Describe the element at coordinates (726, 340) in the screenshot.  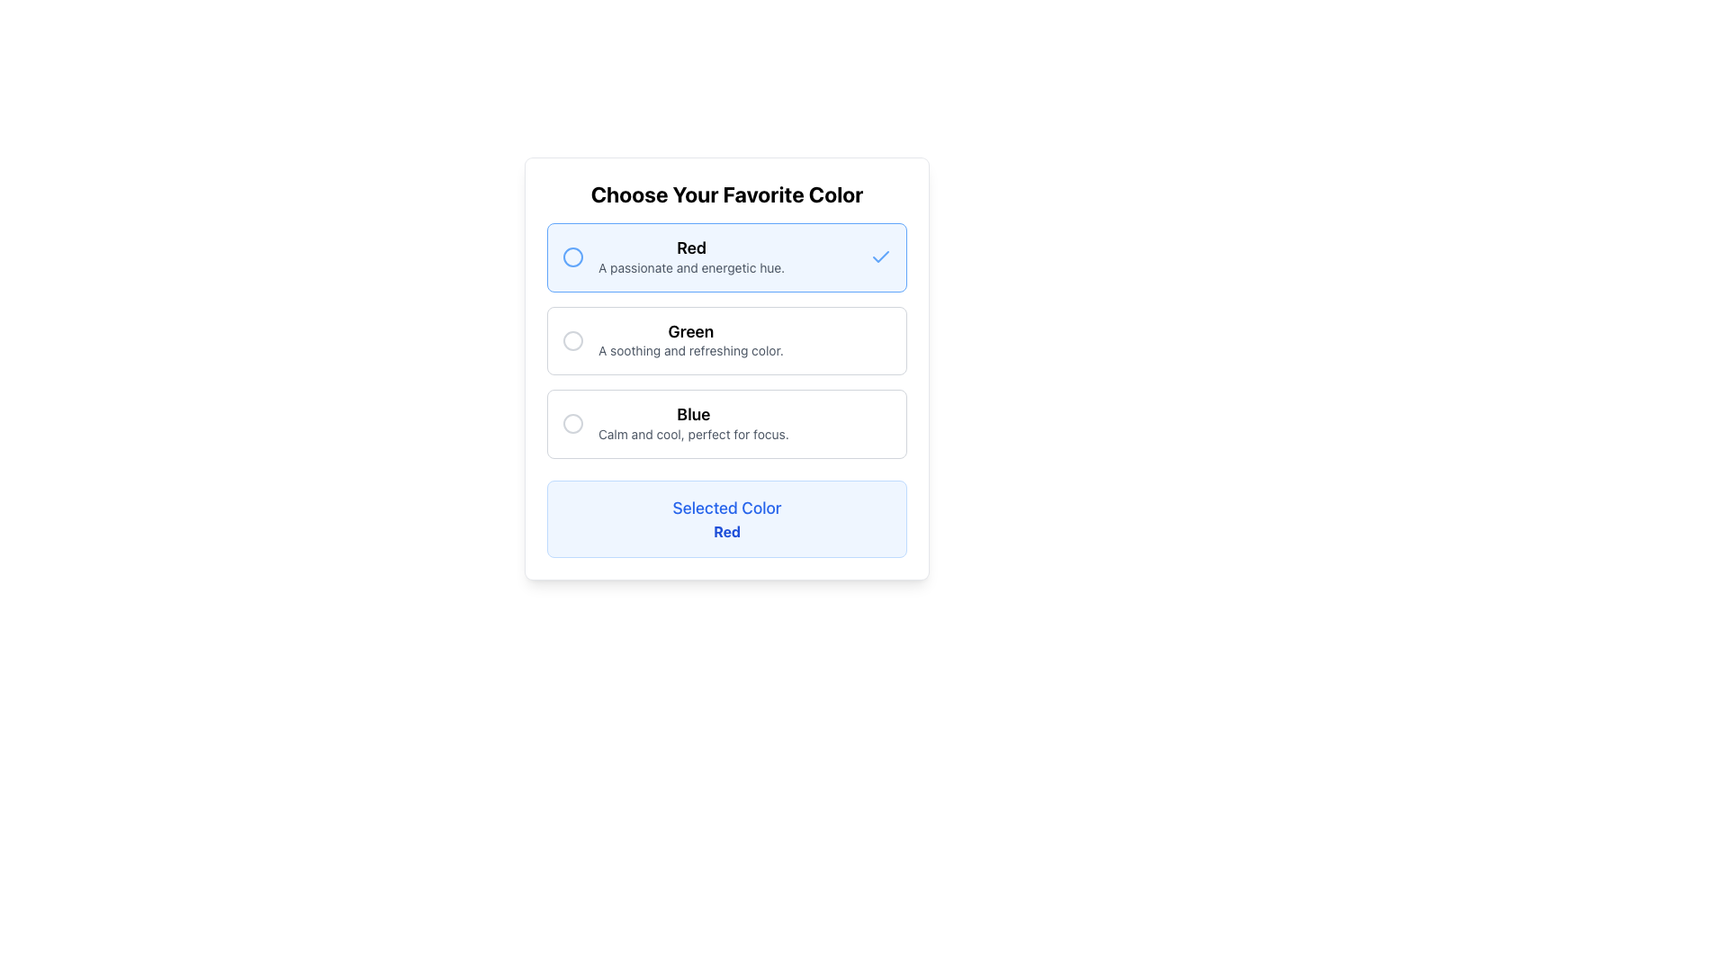
I see `the 'Green' color option in the selectable list` at that location.